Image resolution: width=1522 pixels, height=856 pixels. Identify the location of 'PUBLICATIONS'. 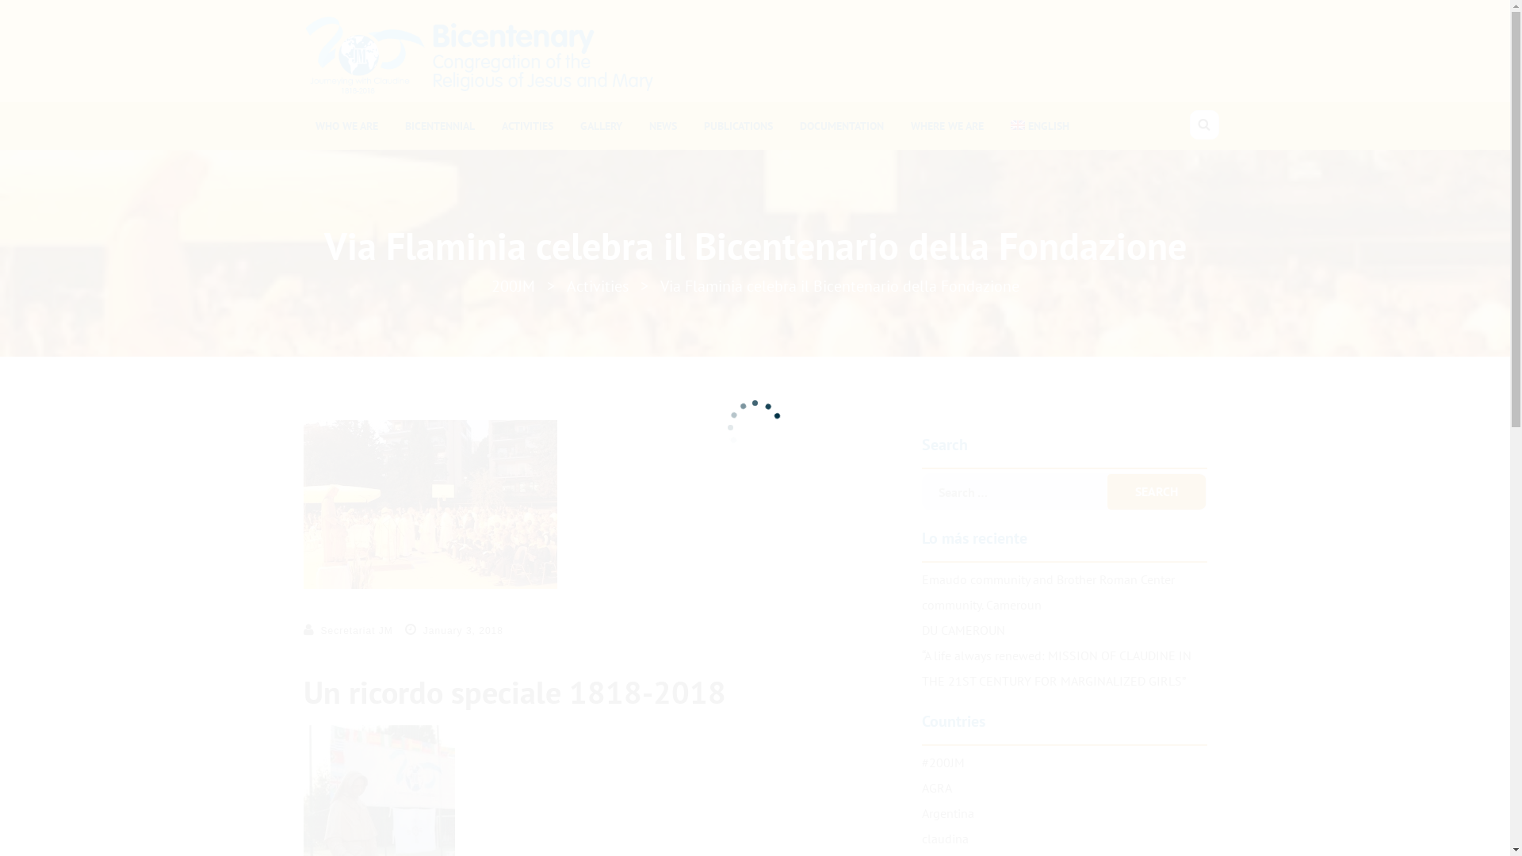
(691, 124).